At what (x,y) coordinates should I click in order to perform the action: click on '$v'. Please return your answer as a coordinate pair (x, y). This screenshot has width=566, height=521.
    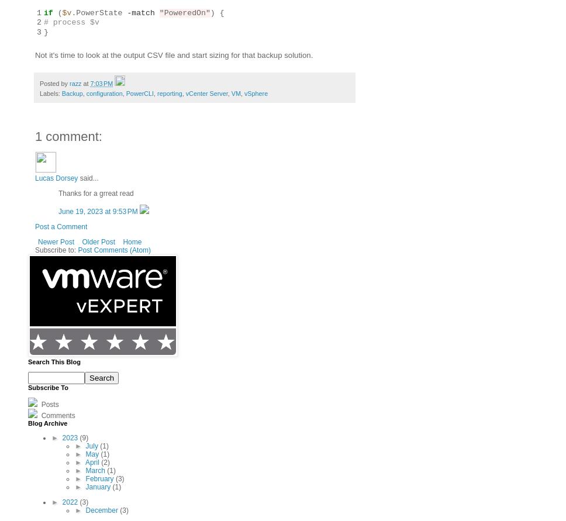
    Looking at the image, I should click on (67, 12).